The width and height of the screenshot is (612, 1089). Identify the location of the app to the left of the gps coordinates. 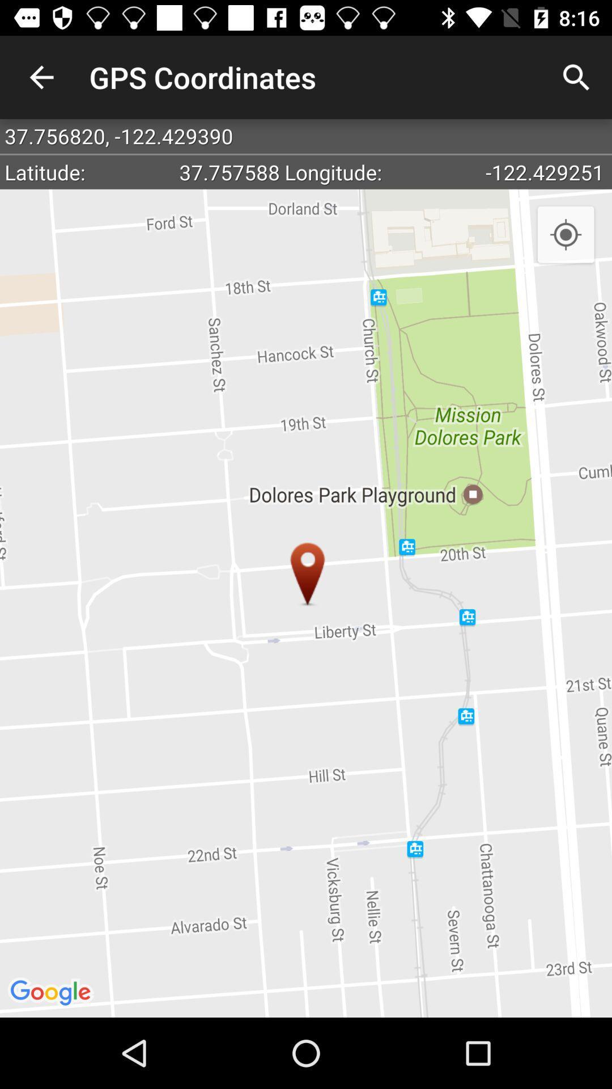
(41, 77).